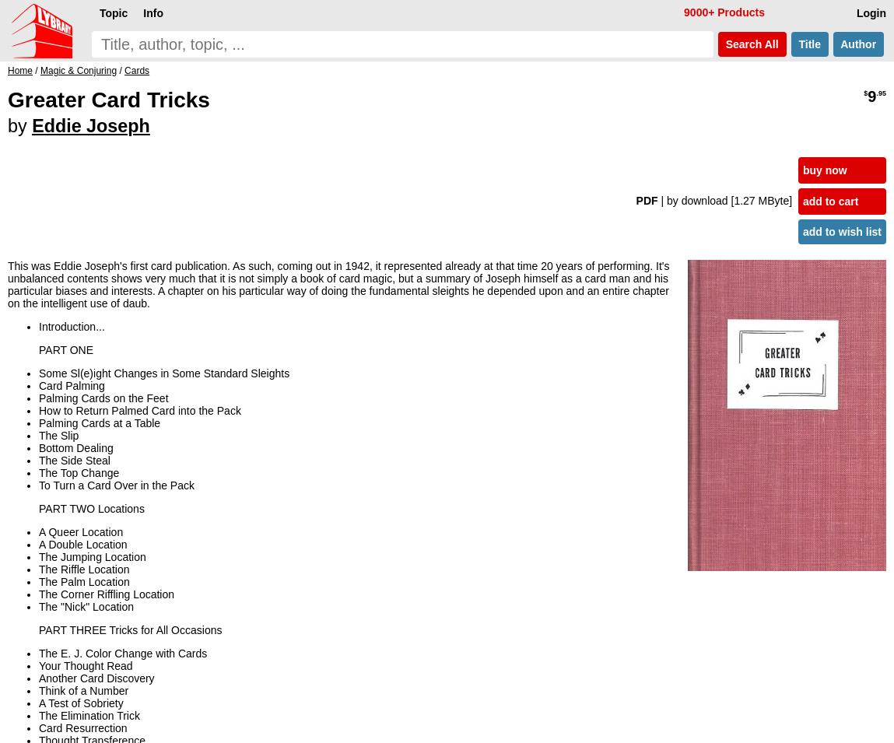  Describe the element at coordinates (138, 411) in the screenshot. I see `'How to Return Palmed Card into the Pack'` at that location.